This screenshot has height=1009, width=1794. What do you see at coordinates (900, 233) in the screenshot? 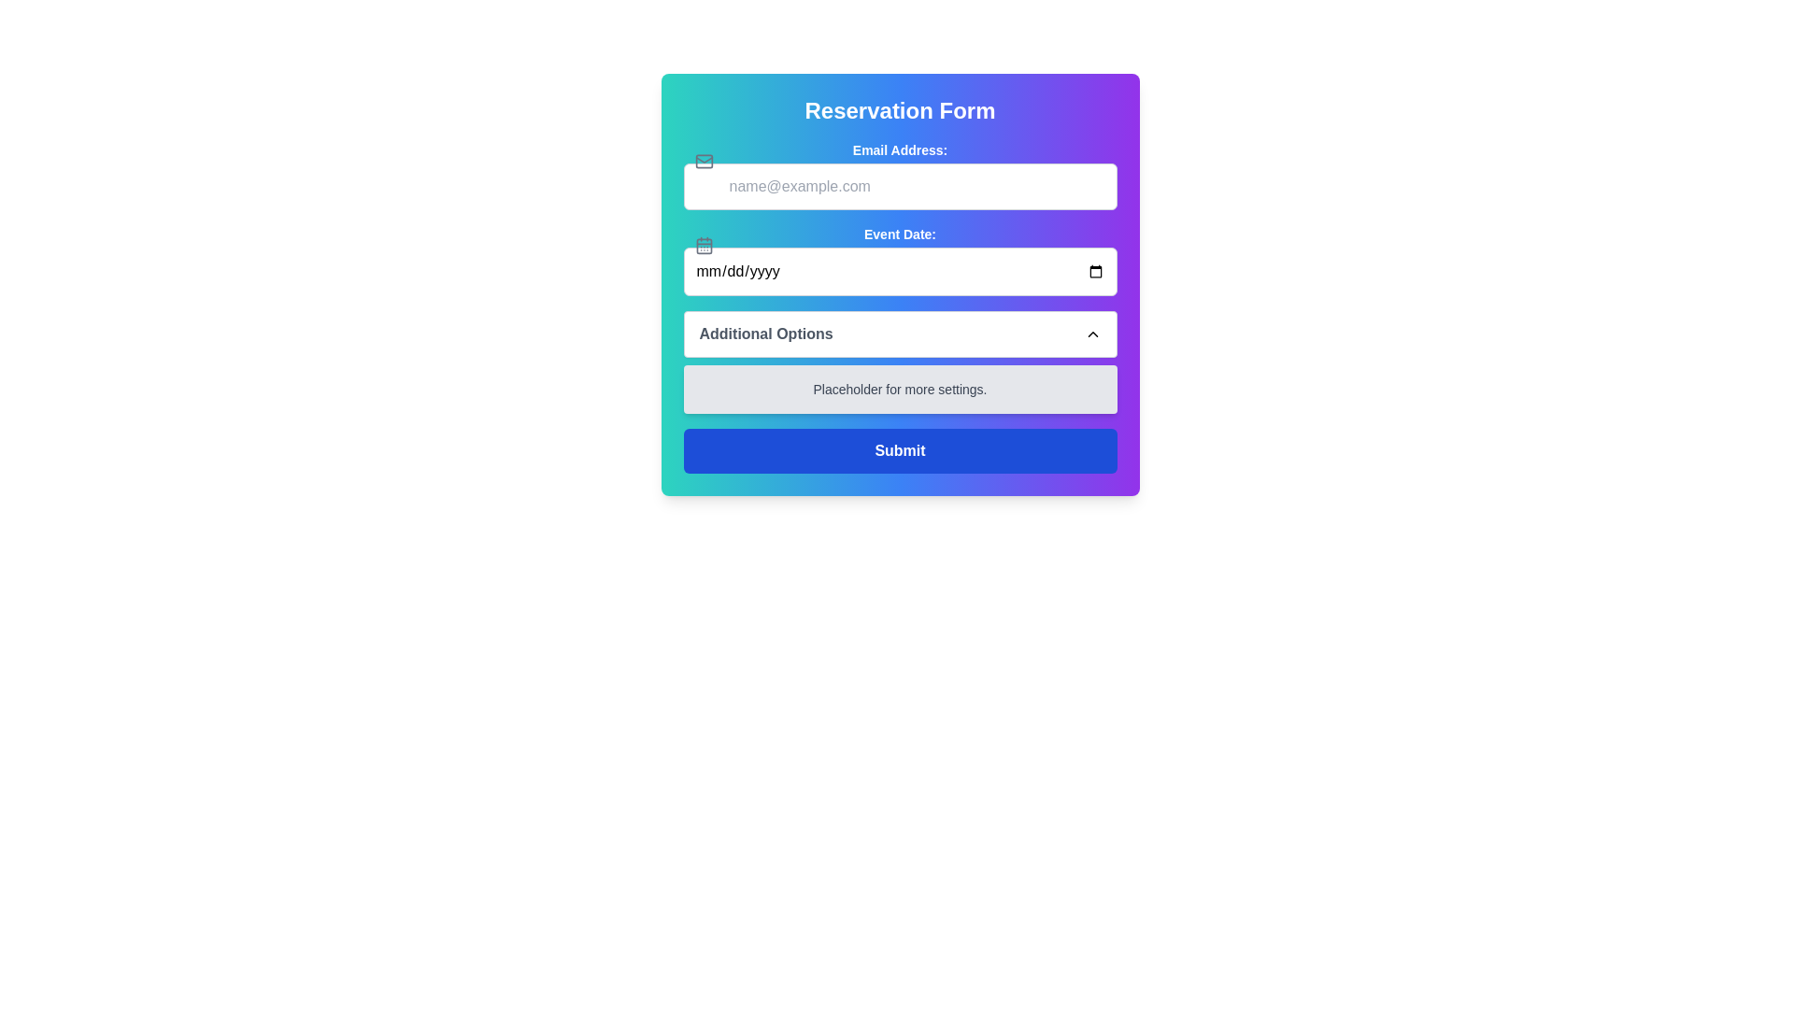
I see `the 'Event Date' label element to associate it with its input field` at bounding box center [900, 233].